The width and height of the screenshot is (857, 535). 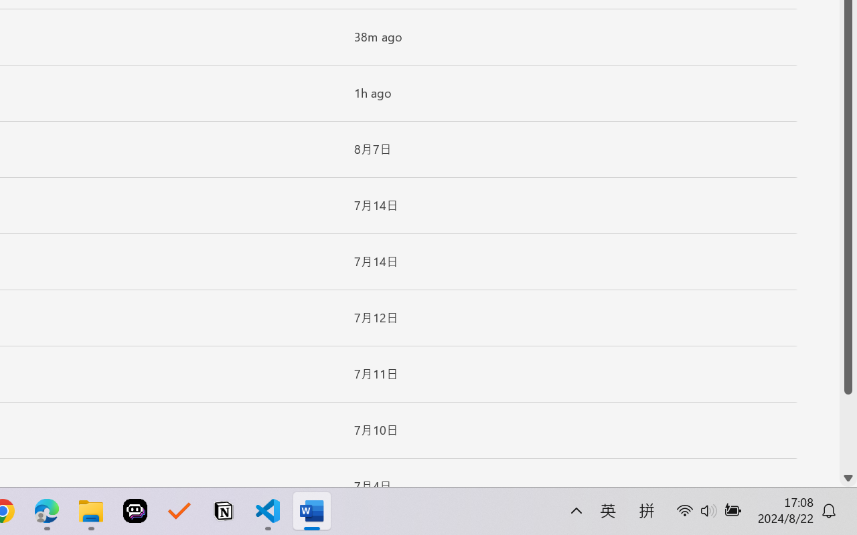 I want to click on 'Line down', so click(x=848, y=477).